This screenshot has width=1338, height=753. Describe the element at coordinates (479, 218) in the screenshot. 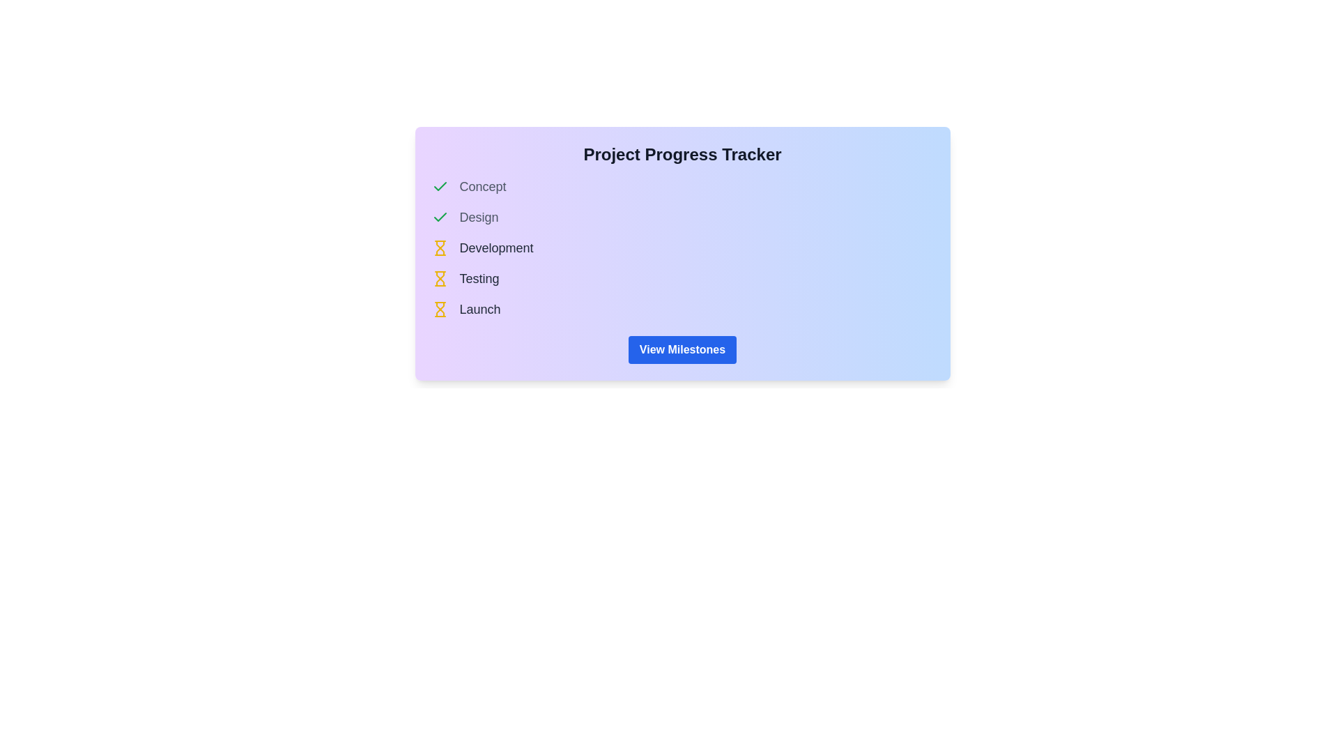

I see `the text label displaying 'Design', which is styled in gray and is the second item in the vertical list under 'Project Progress Tracker'` at that location.